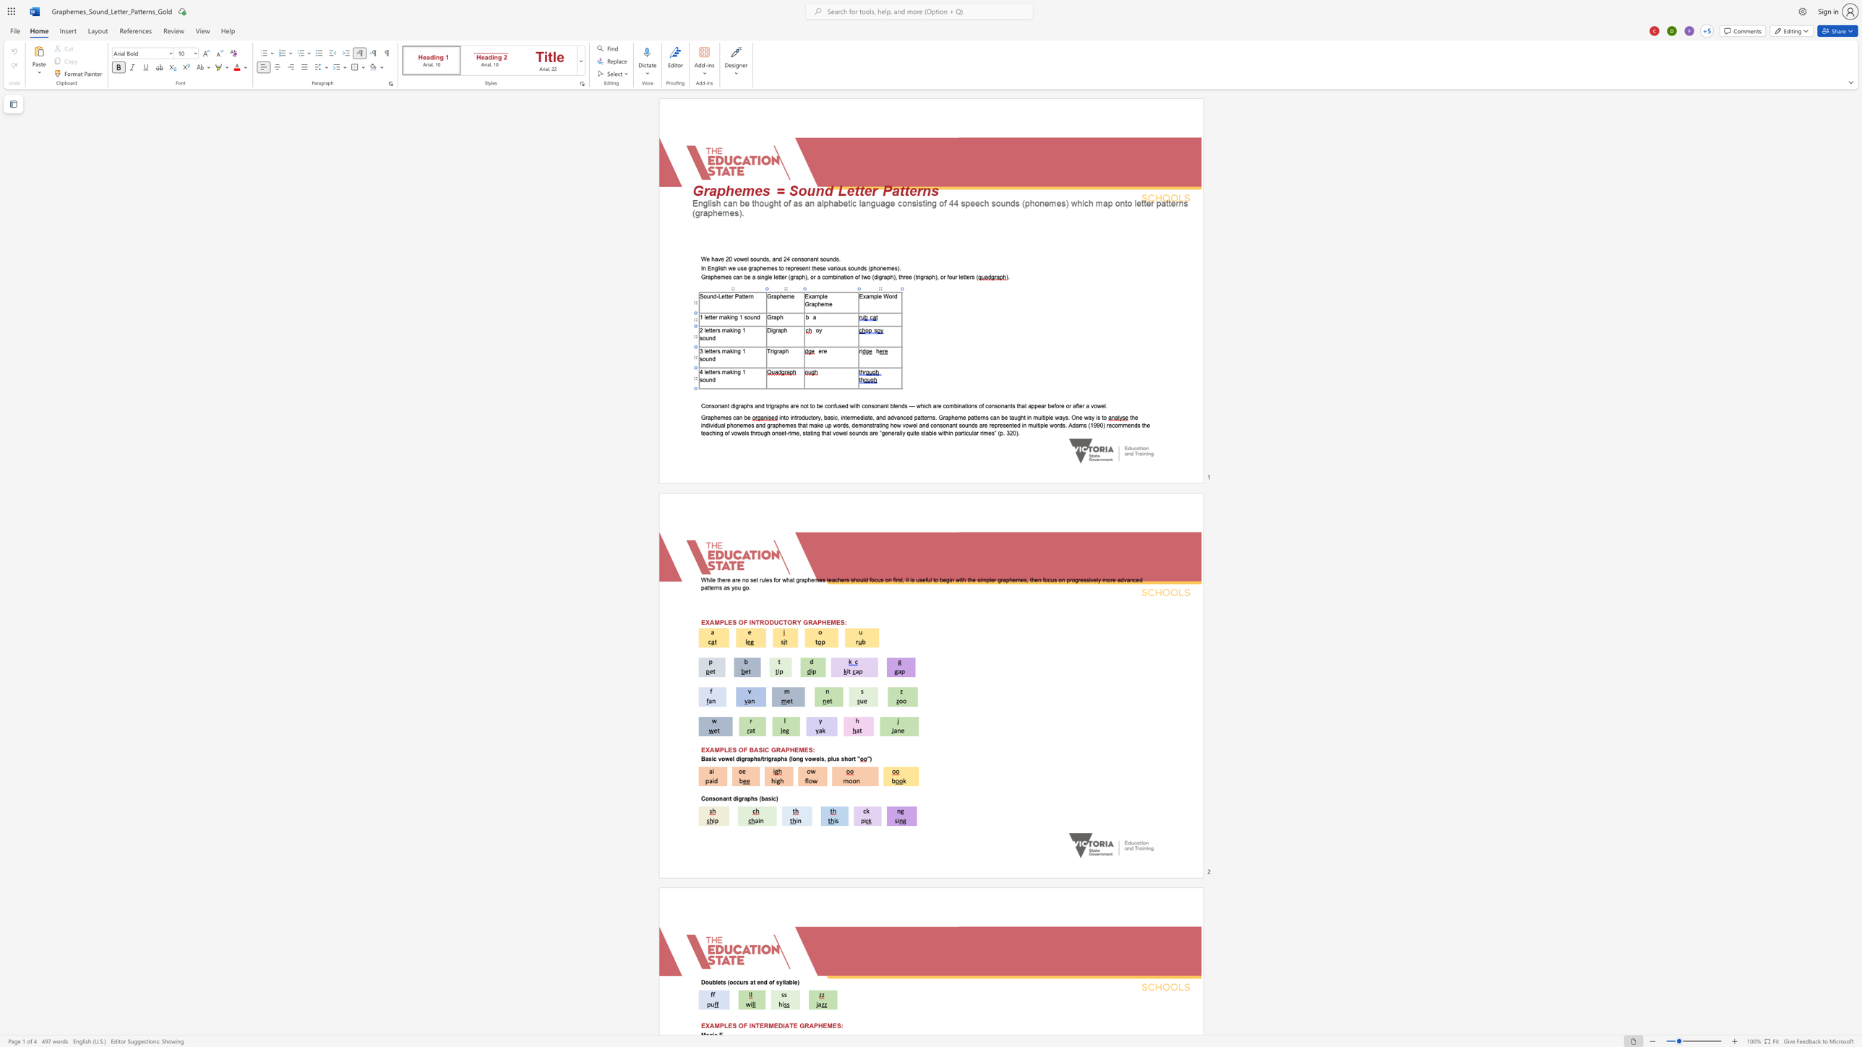 Image resolution: width=1862 pixels, height=1047 pixels. What do you see at coordinates (750, 750) in the screenshot?
I see `the 1th character "B" in the text` at bounding box center [750, 750].